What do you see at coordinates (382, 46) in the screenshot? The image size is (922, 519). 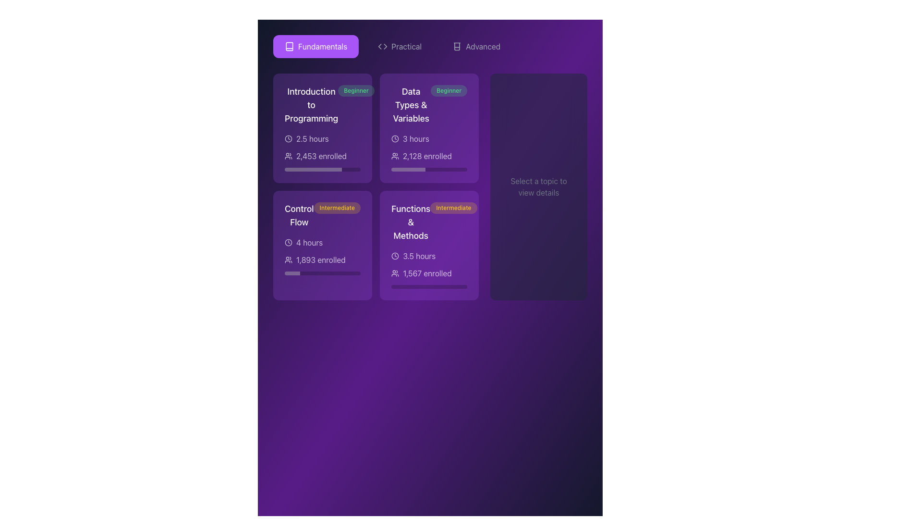 I see `the coding icon located to the left of the 'Practical' text in the top button` at bounding box center [382, 46].